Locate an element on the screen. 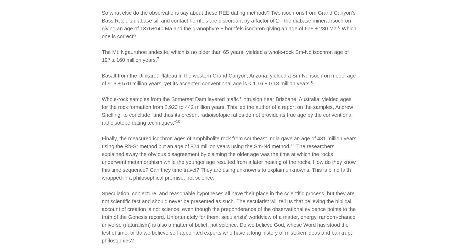 The width and height of the screenshot is (460, 249). 'The Mt. Ngauruhoe andesite, which is no older than 65 years, yielded a whole-rock Sm-Nd isochron age of 197 ± 160 million years.' is located at coordinates (102, 56).